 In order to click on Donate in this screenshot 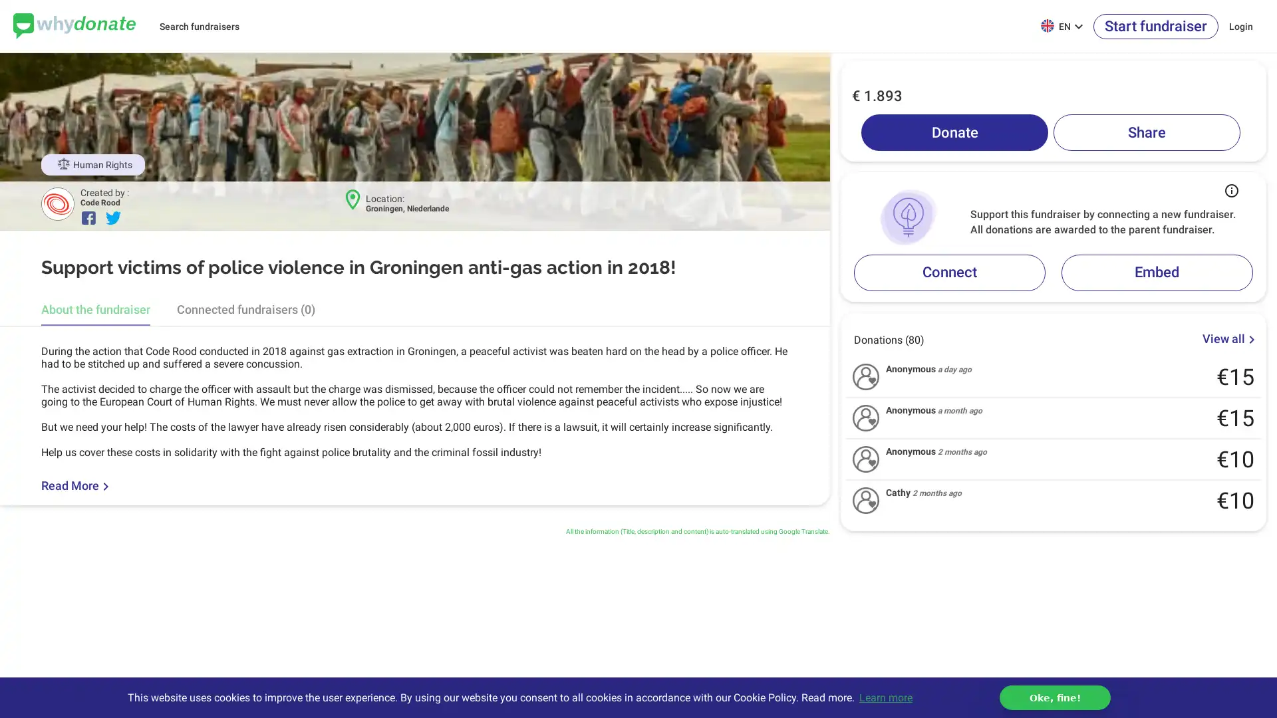, I will do `click(954, 132)`.